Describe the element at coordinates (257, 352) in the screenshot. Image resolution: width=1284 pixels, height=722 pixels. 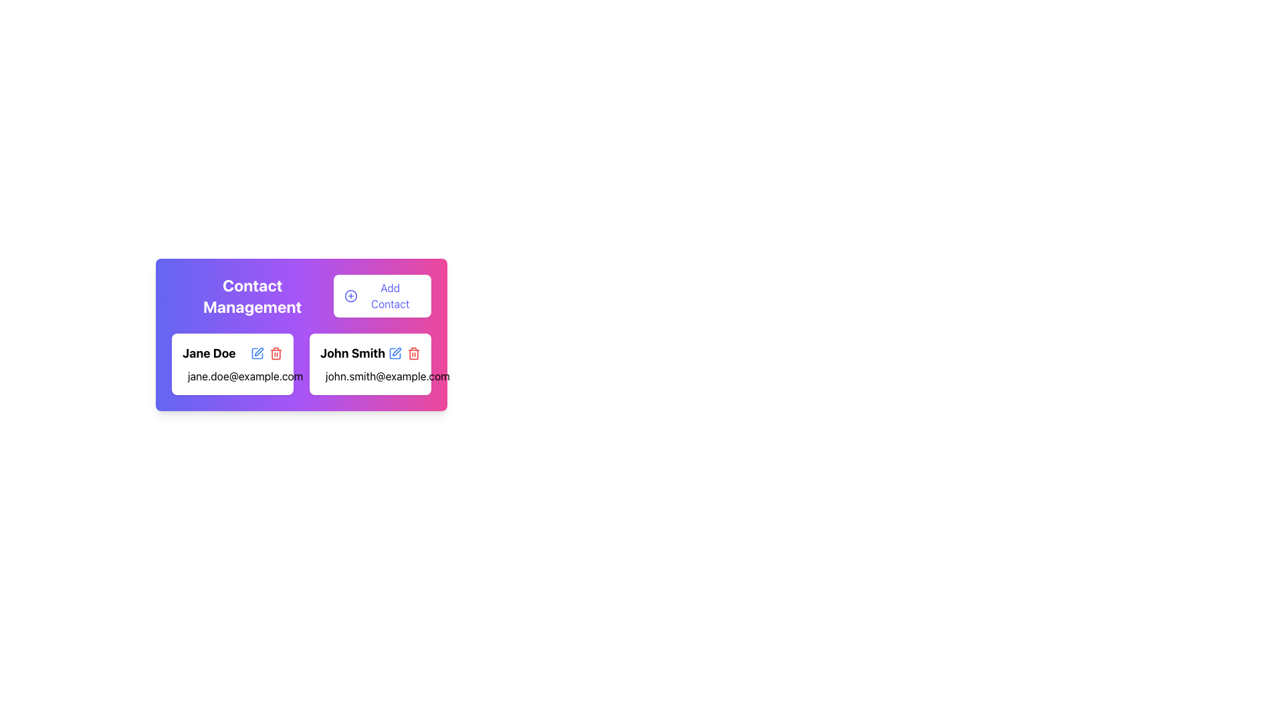
I see `the edit button located to the right of 'Jane Doe' in the contact card under 'Contact Management' to initiate the edit operation` at that location.